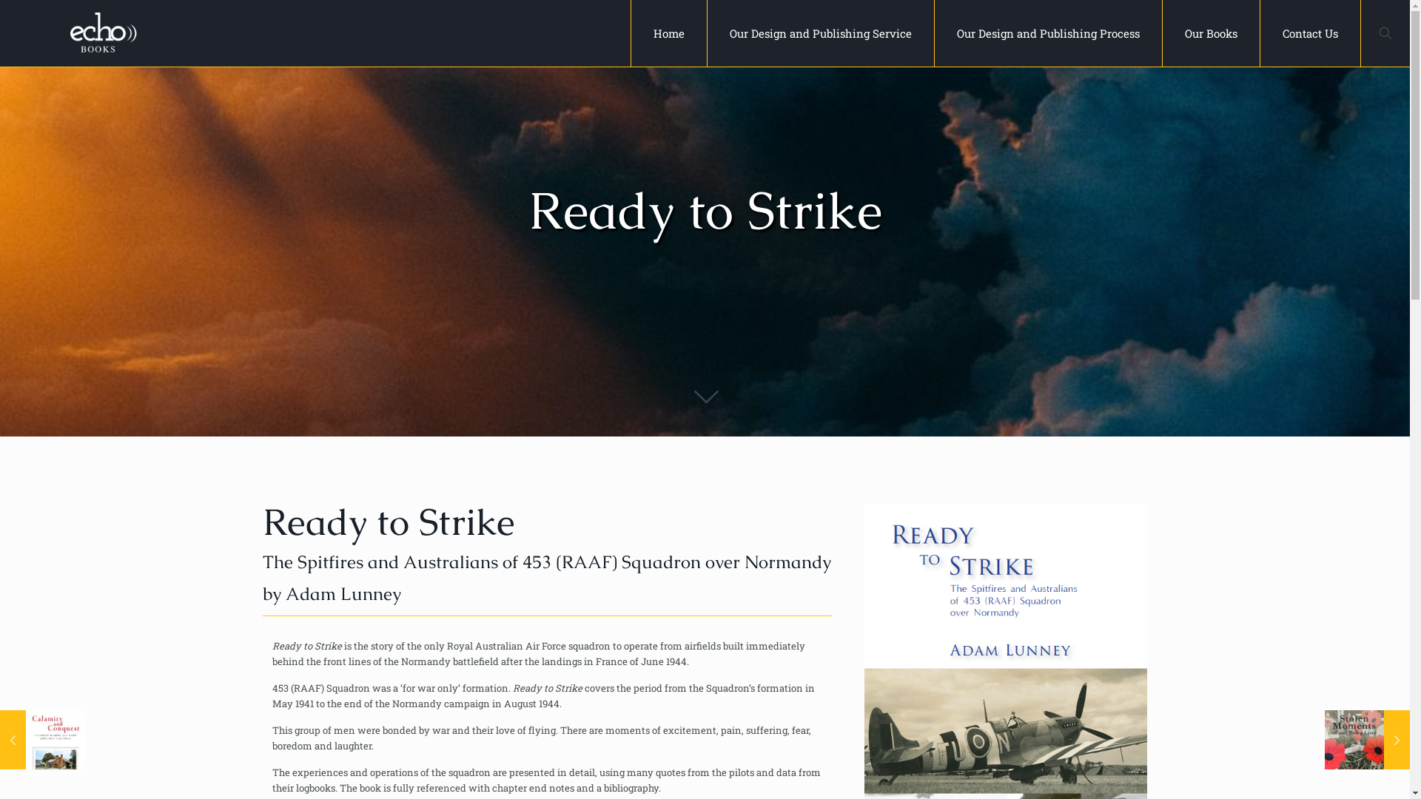 The image size is (1421, 799). What do you see at coordinates (668, 33) in the screenshot?
I see `'Home'` at bounding box center [668, 33].